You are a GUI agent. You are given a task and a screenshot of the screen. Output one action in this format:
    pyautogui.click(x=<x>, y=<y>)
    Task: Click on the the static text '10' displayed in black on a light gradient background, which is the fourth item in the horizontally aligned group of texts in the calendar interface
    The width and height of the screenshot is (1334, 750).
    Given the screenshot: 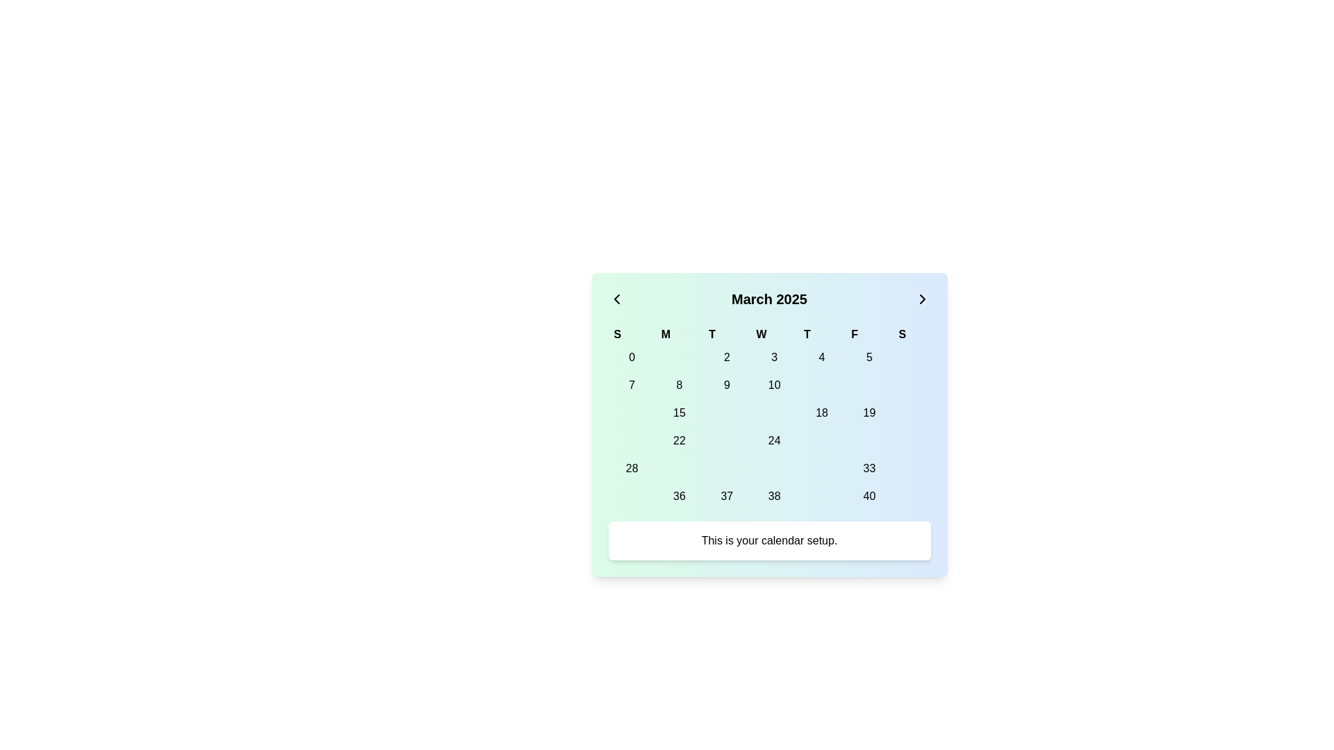 What is the action you would take?
    pyautogui.click(x=773, y=385)
    